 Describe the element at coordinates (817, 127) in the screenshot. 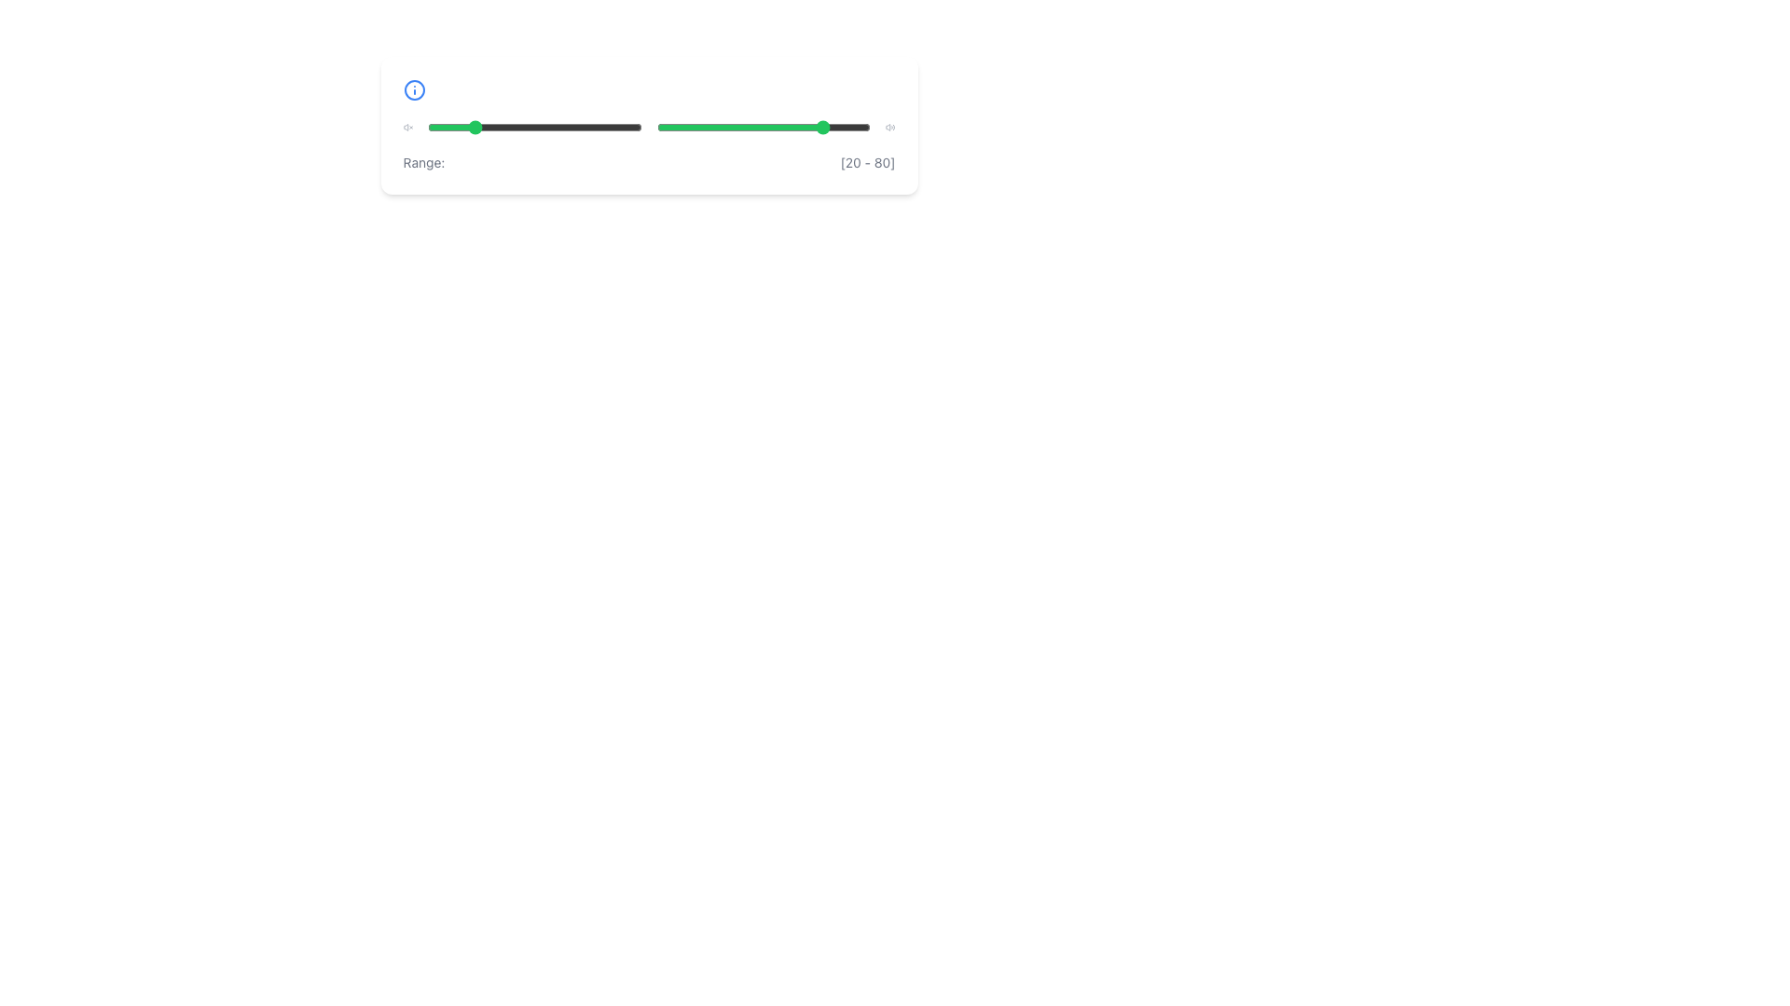

I see `the slider value` at that location.